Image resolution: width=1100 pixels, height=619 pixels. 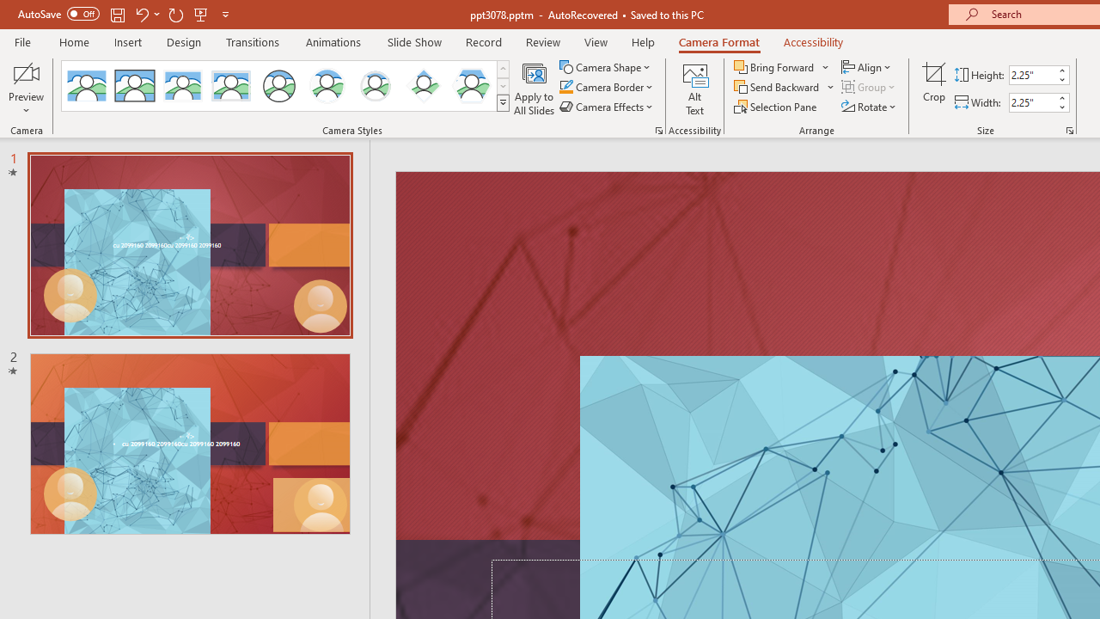 I want to click on 'Center Shadow Circle', so click(x=327, y=86).